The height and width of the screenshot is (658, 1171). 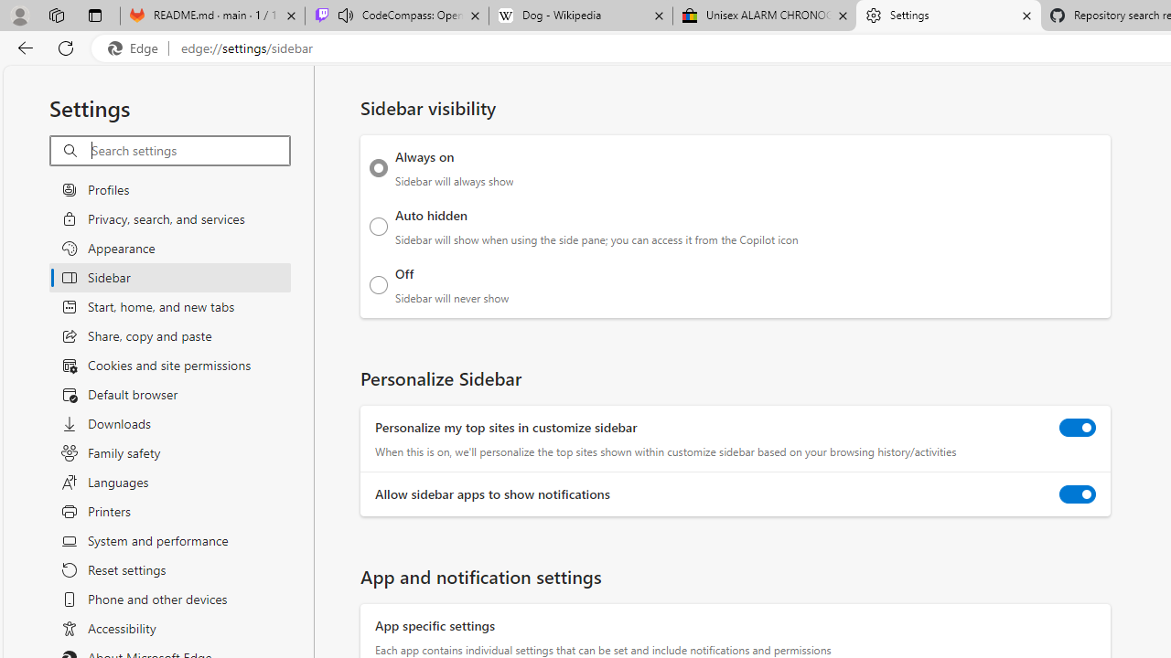 What do you see at coordinates (1078, 428) in the screenshot?
I see `'Personalize my top sites in customize sidebar'` at bounding box center [1078, 428].